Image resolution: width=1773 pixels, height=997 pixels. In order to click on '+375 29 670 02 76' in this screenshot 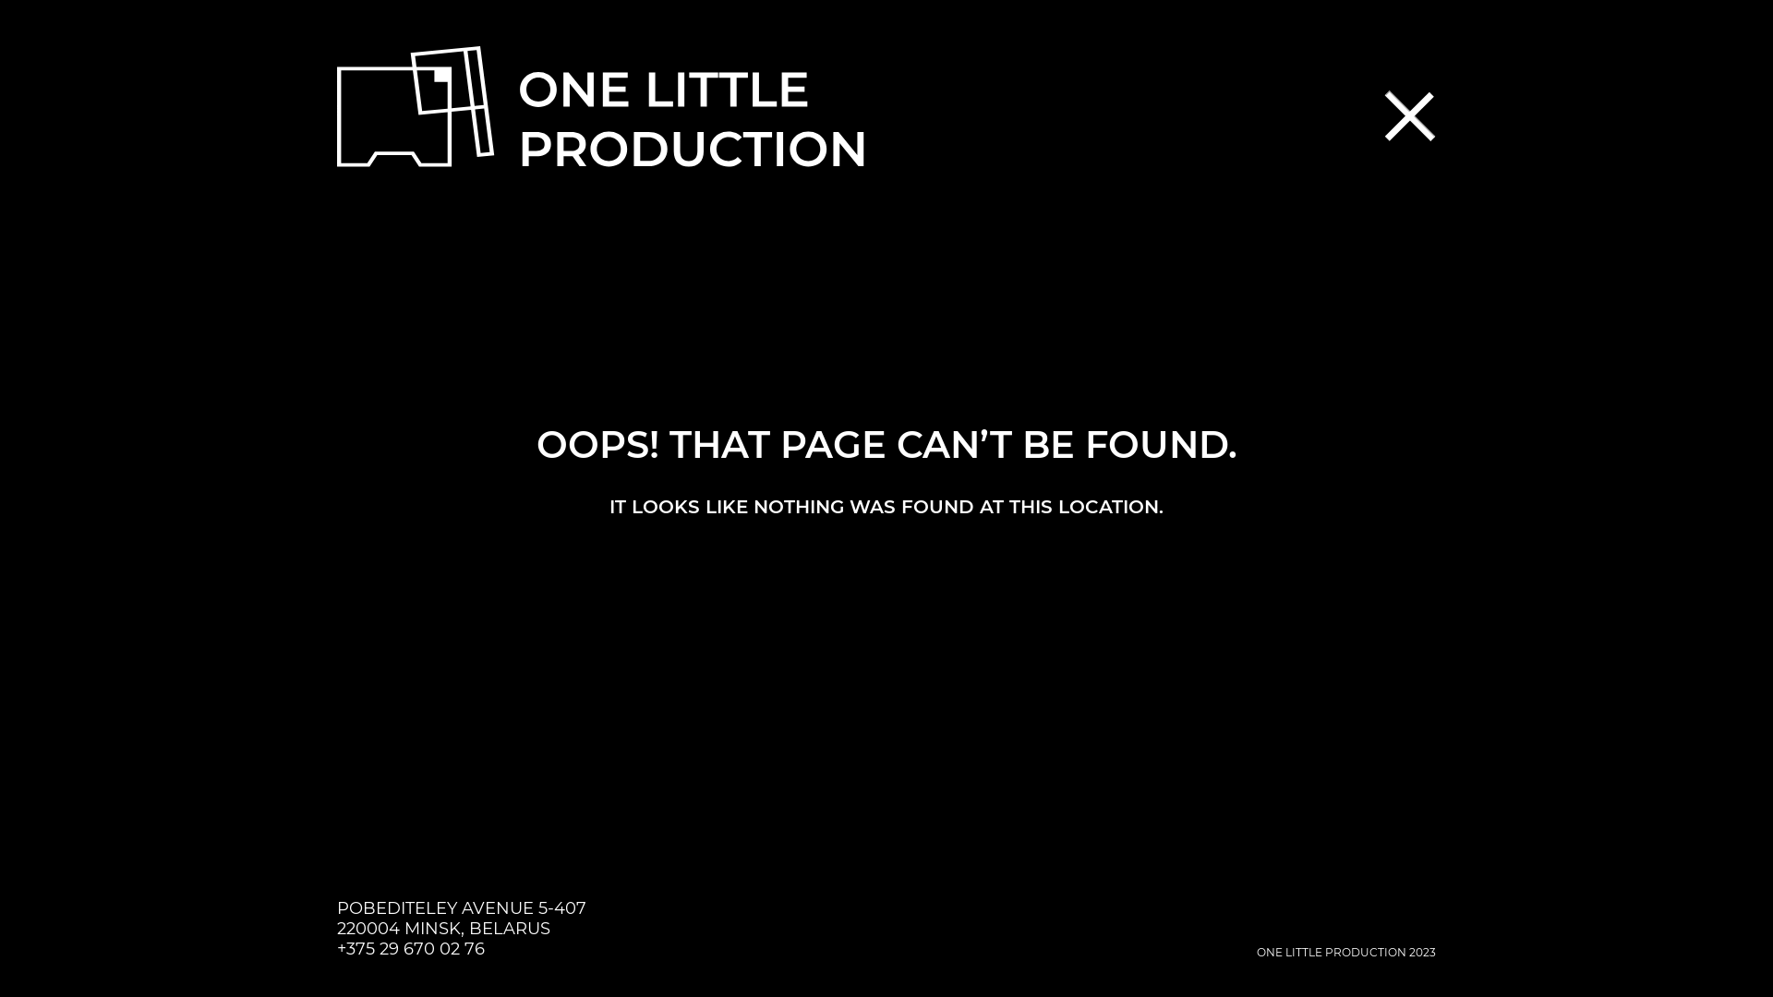, I will do `click(410, 949)`.